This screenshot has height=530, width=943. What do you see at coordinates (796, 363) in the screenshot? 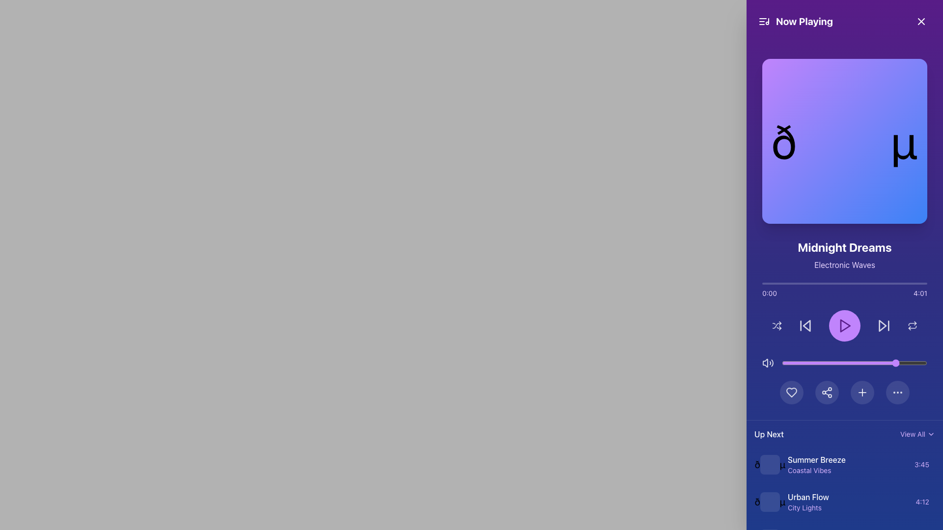
I see `slider value` at bounding box center [796, 363].